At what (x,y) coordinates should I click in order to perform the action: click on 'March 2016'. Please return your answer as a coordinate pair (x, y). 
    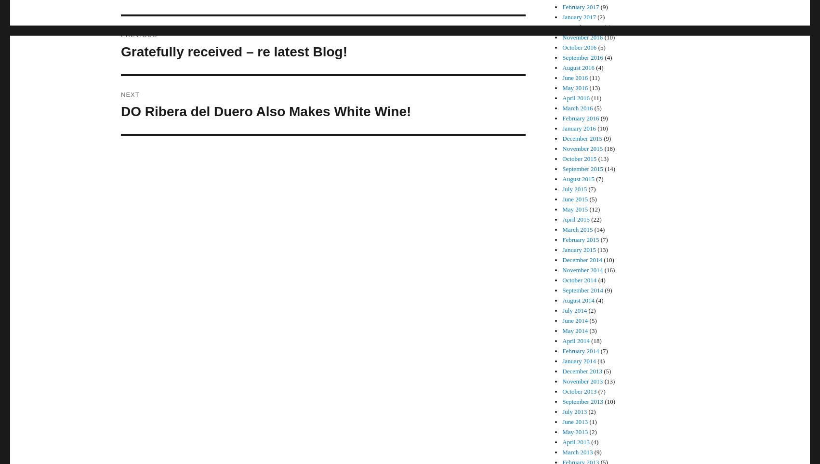
    Looking at the image, I should click on (577, 108).